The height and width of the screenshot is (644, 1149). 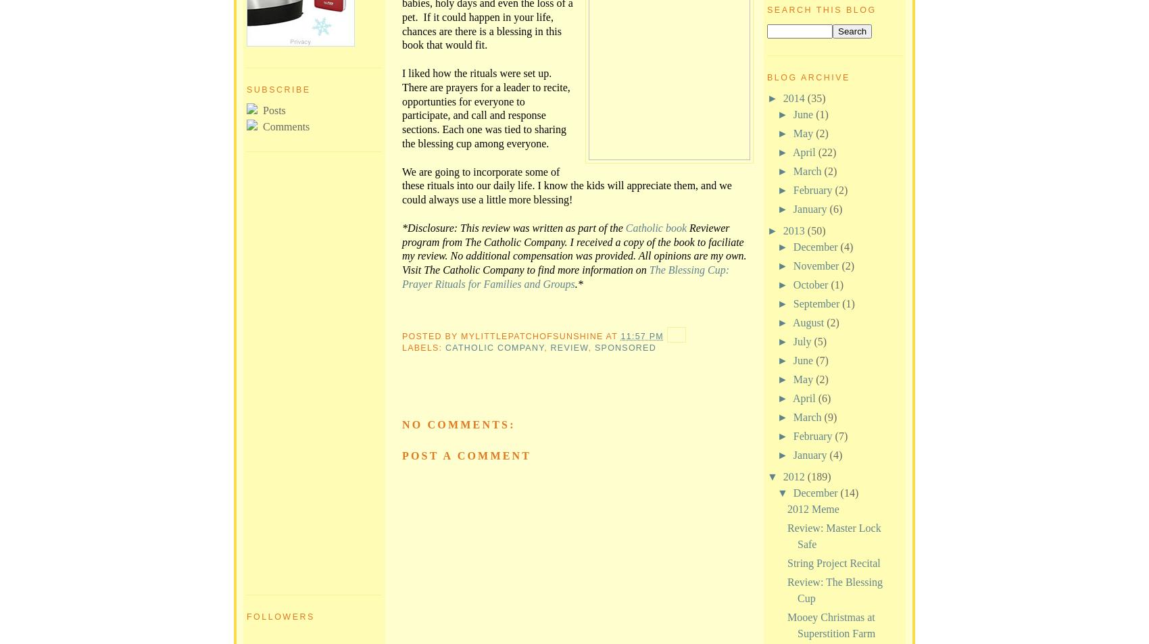 What do you see at coordinates (815, 229) in the screenshot?
I see `'(50)'` at bounding box center [815, 229].